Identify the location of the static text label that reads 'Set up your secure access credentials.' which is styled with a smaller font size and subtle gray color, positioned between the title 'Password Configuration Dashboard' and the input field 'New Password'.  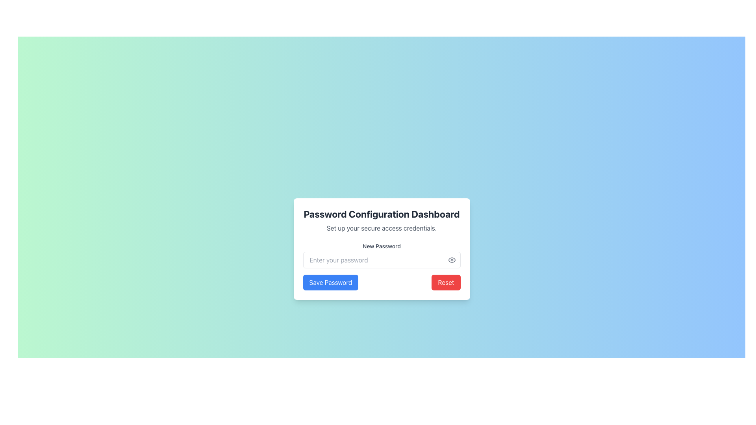
(382, 228).